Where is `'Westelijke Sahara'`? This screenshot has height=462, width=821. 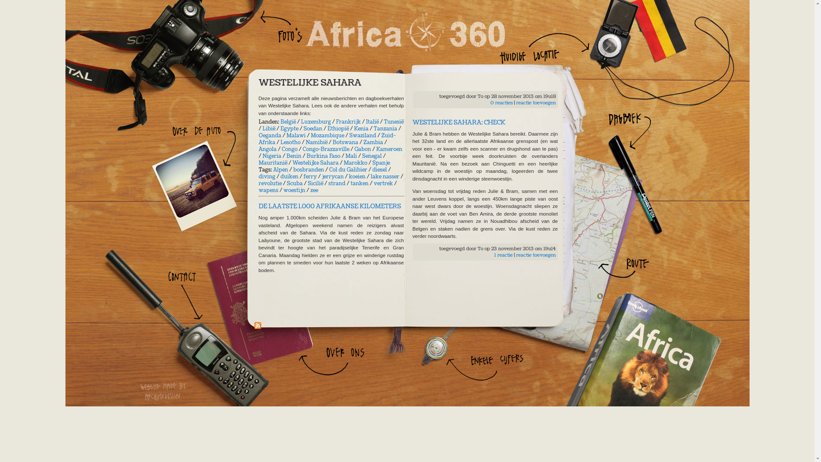
'Westelijke Sahara' is located at coordinates (315, 163).